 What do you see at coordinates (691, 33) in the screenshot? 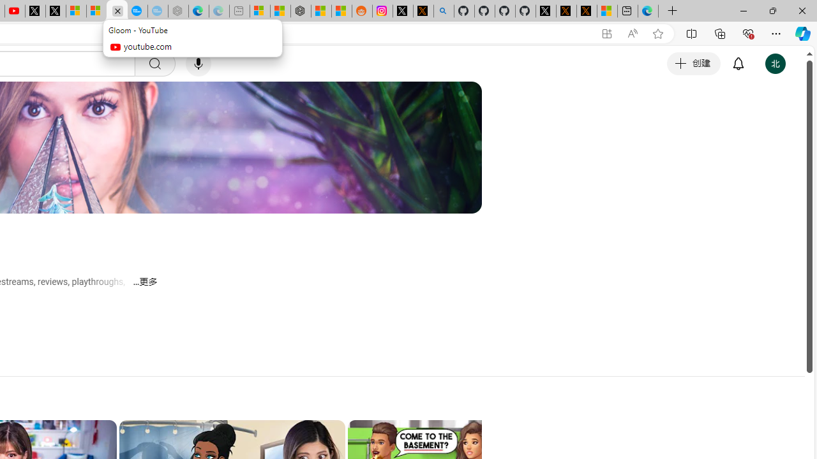
I see `'Split screen'` at bounding box center [691, 33].